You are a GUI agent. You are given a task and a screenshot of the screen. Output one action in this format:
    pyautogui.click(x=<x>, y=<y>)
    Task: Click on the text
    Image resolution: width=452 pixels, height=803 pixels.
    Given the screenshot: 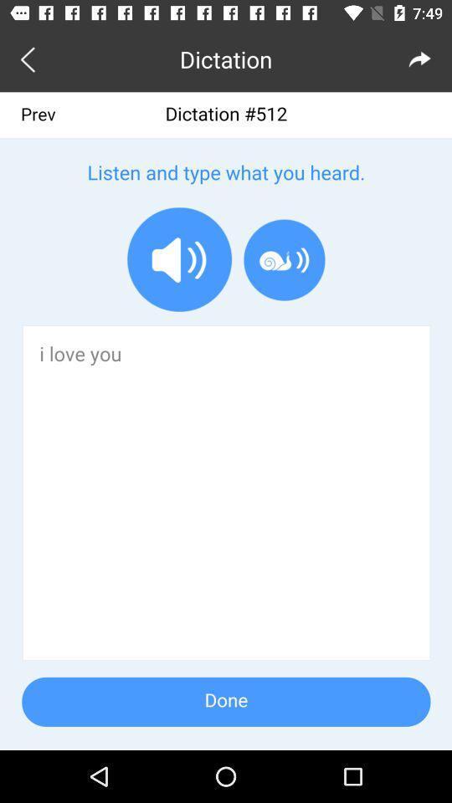 What is the action you would take?
    pyautogui.click(x=226, y=420)
    